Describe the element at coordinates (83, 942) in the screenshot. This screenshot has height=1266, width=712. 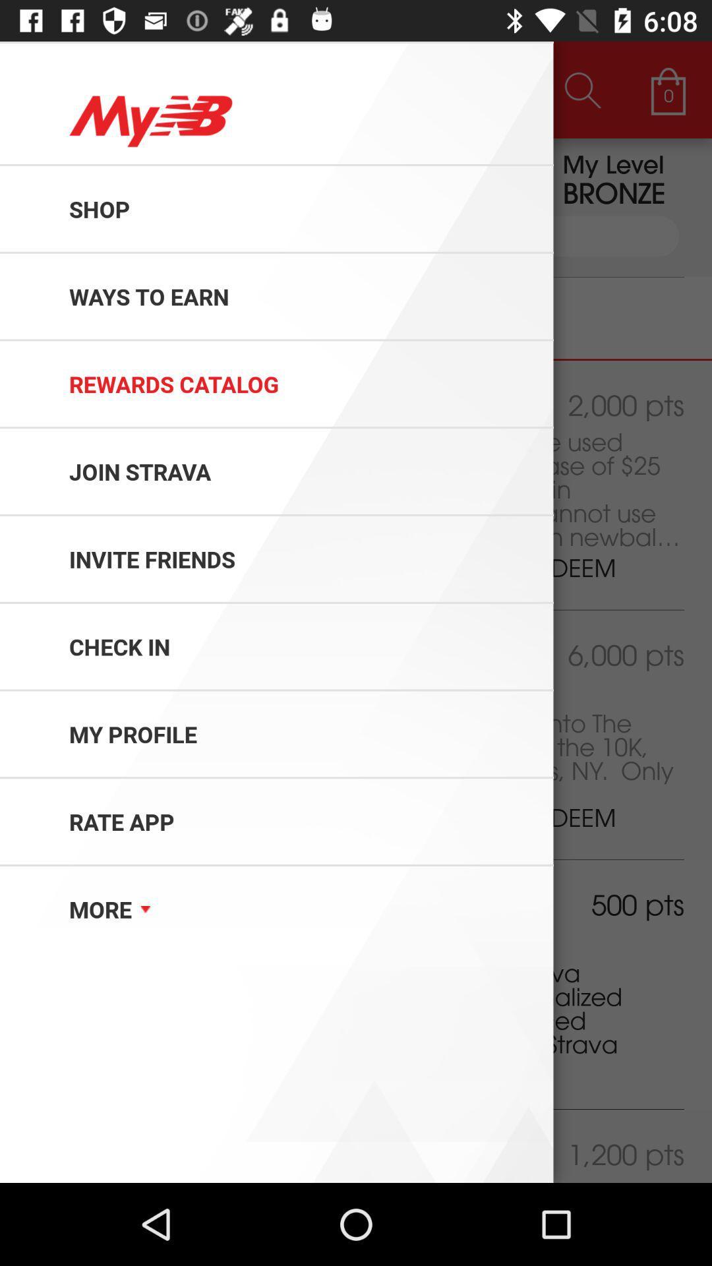
I see `more` at that location.